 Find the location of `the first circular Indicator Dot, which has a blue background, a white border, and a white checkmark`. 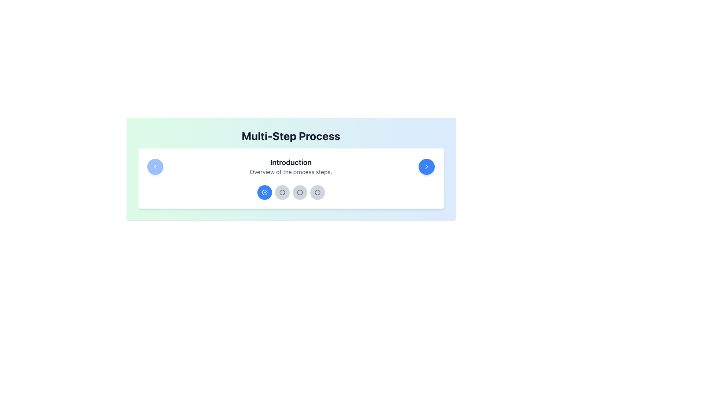

the first circular Indicator Dot, which has a blue background, a white border, and a white checkmark is located at coordinates (264, 192).